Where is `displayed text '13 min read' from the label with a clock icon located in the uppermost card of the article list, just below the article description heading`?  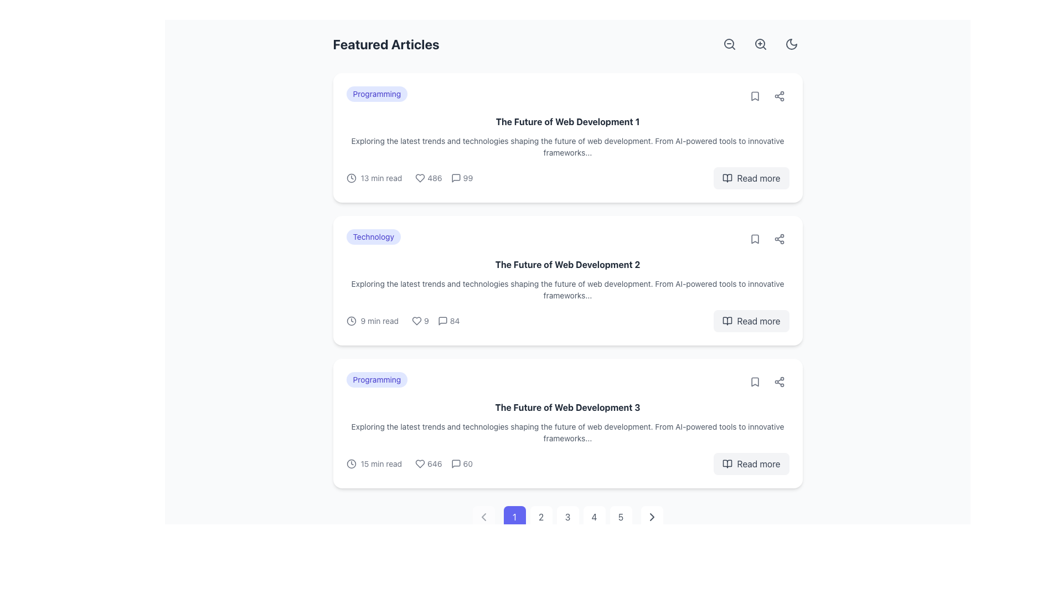 displayed text '13 min read' from the label with a clock icon located in the uppermost card of the article list, just below the article description heading is located at coordinates (374, 177).